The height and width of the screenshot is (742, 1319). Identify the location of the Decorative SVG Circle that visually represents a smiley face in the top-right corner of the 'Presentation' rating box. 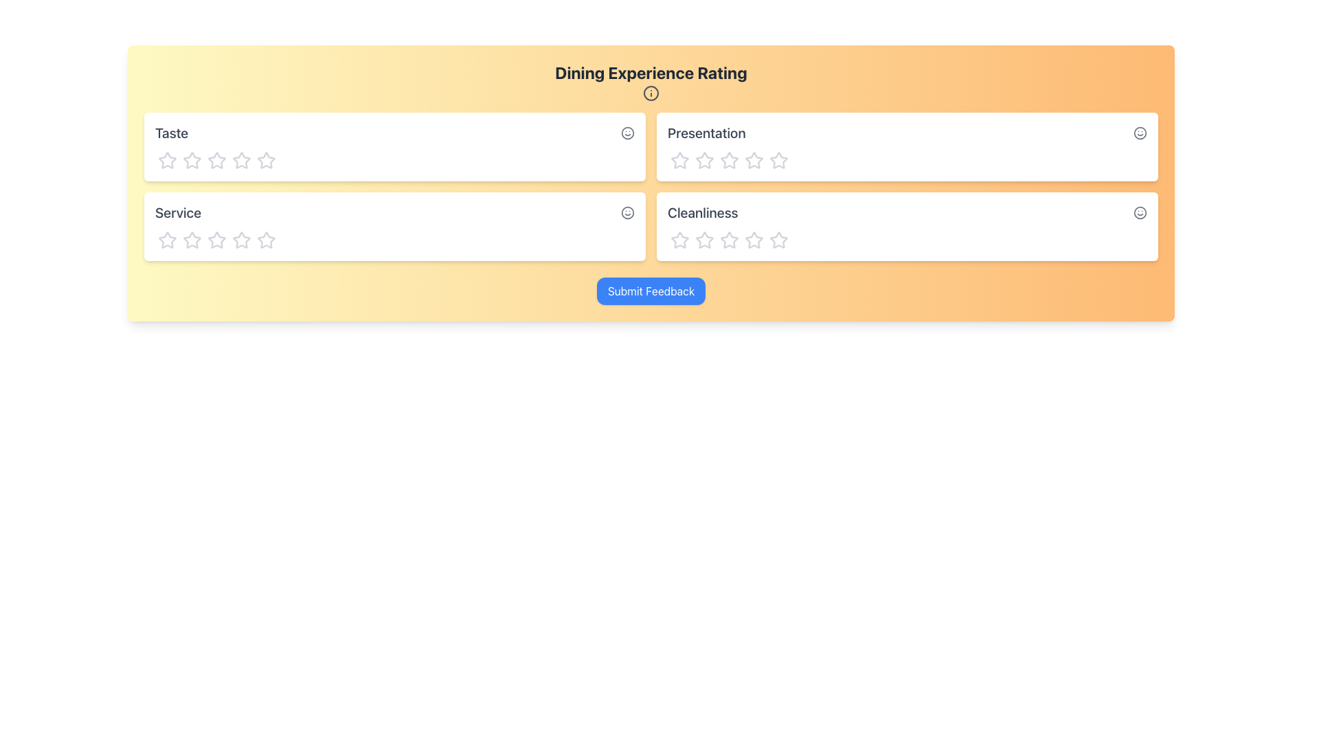
(1140, 133).